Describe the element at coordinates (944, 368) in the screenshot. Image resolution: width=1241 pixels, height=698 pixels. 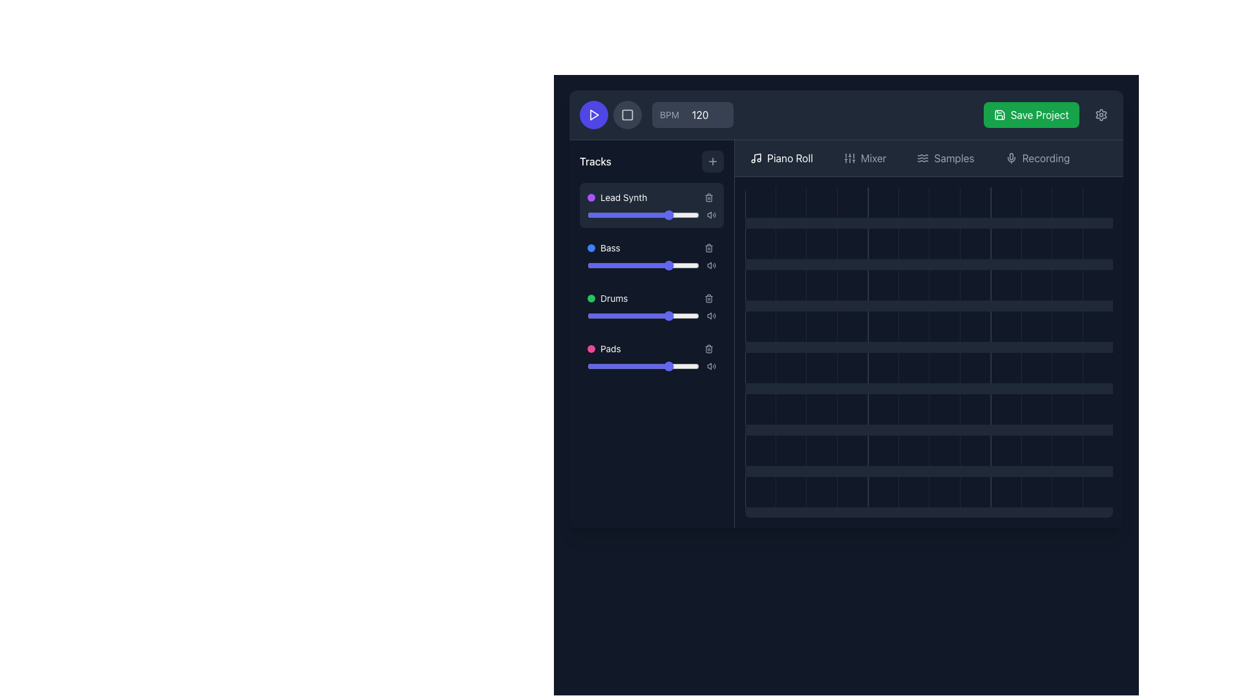
I see `the small square button or grid cell element with a dark gray background located in the 8th column and 5th row of the grid` at that location.